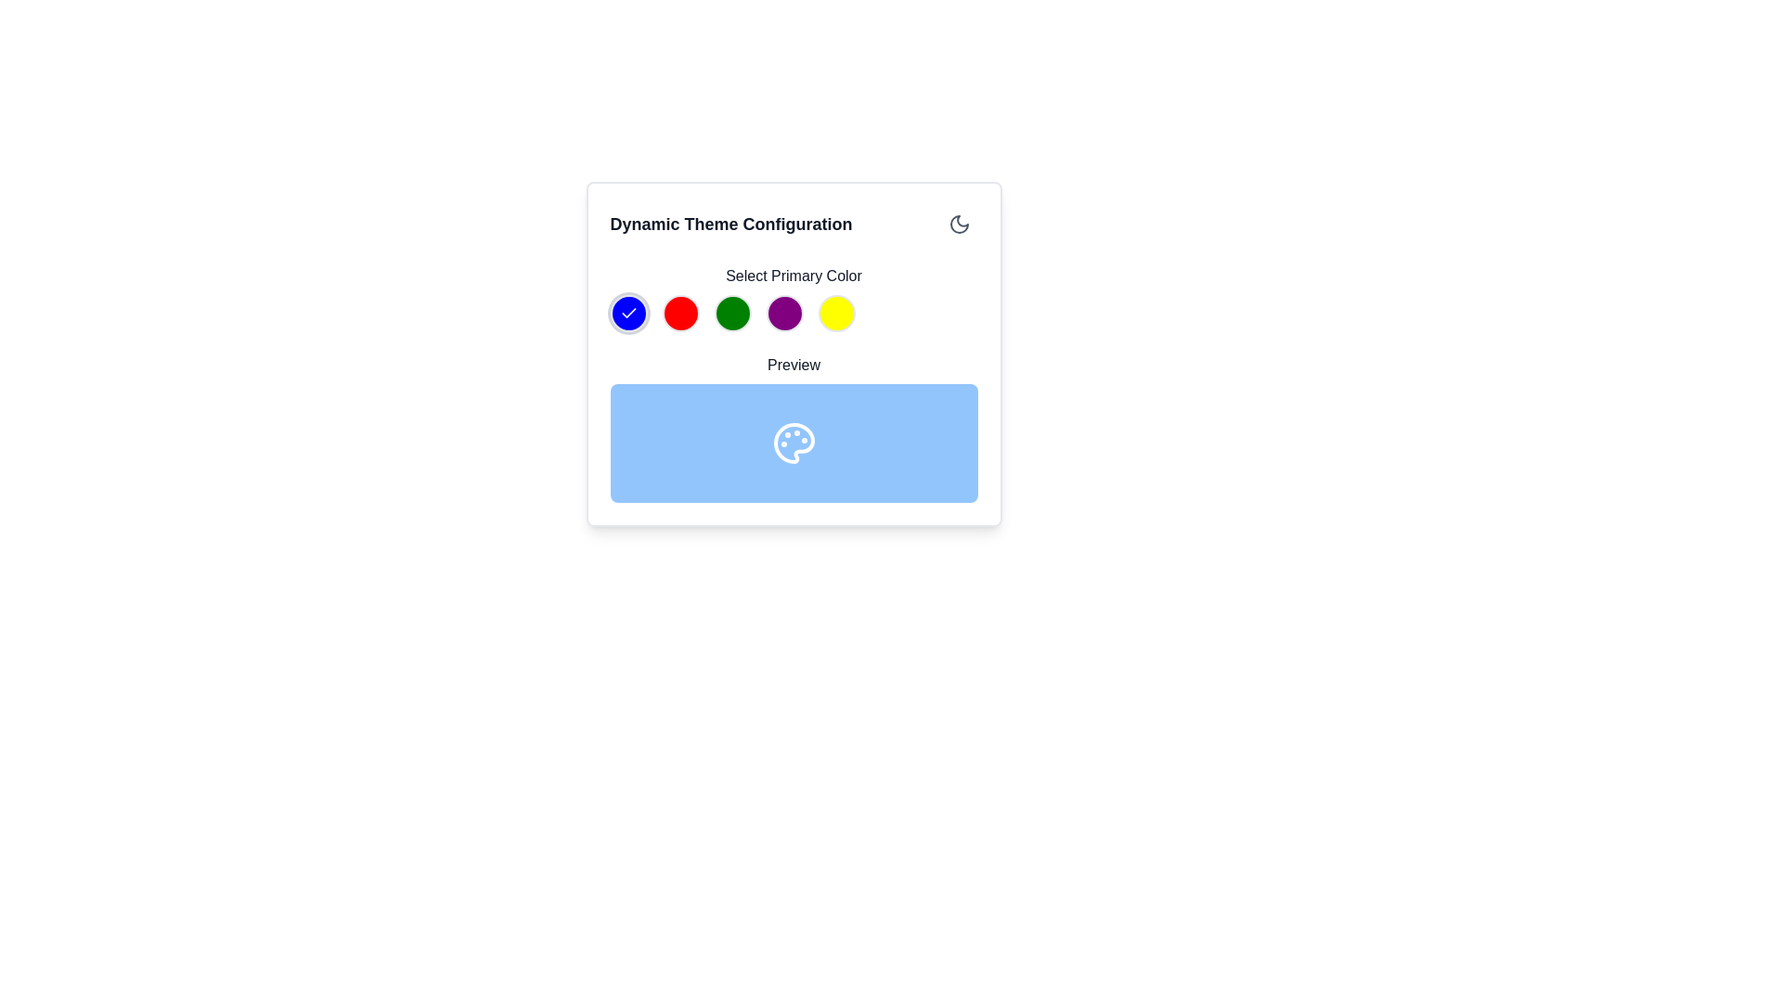 This screenshot has width=1782, height=1002. What do you see at coordinates (628, 312) in the screenshot?
I see `the blue circular checkmark icon located in the top-left section of the modal interface beneath the 'Select Primary Color' label` at bounding box center [628, 312].